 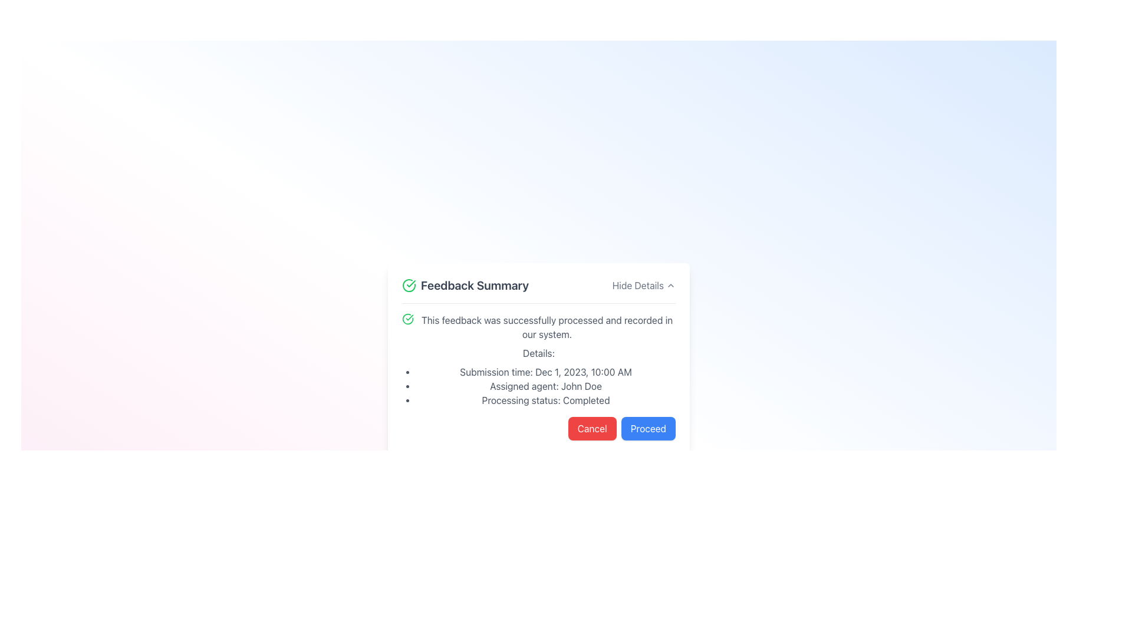 I want to click on the vibrant blue 'Proceed' button with white text, which is located at the bottom right of the modal section, to change its background color, so click(x=647, y=428).